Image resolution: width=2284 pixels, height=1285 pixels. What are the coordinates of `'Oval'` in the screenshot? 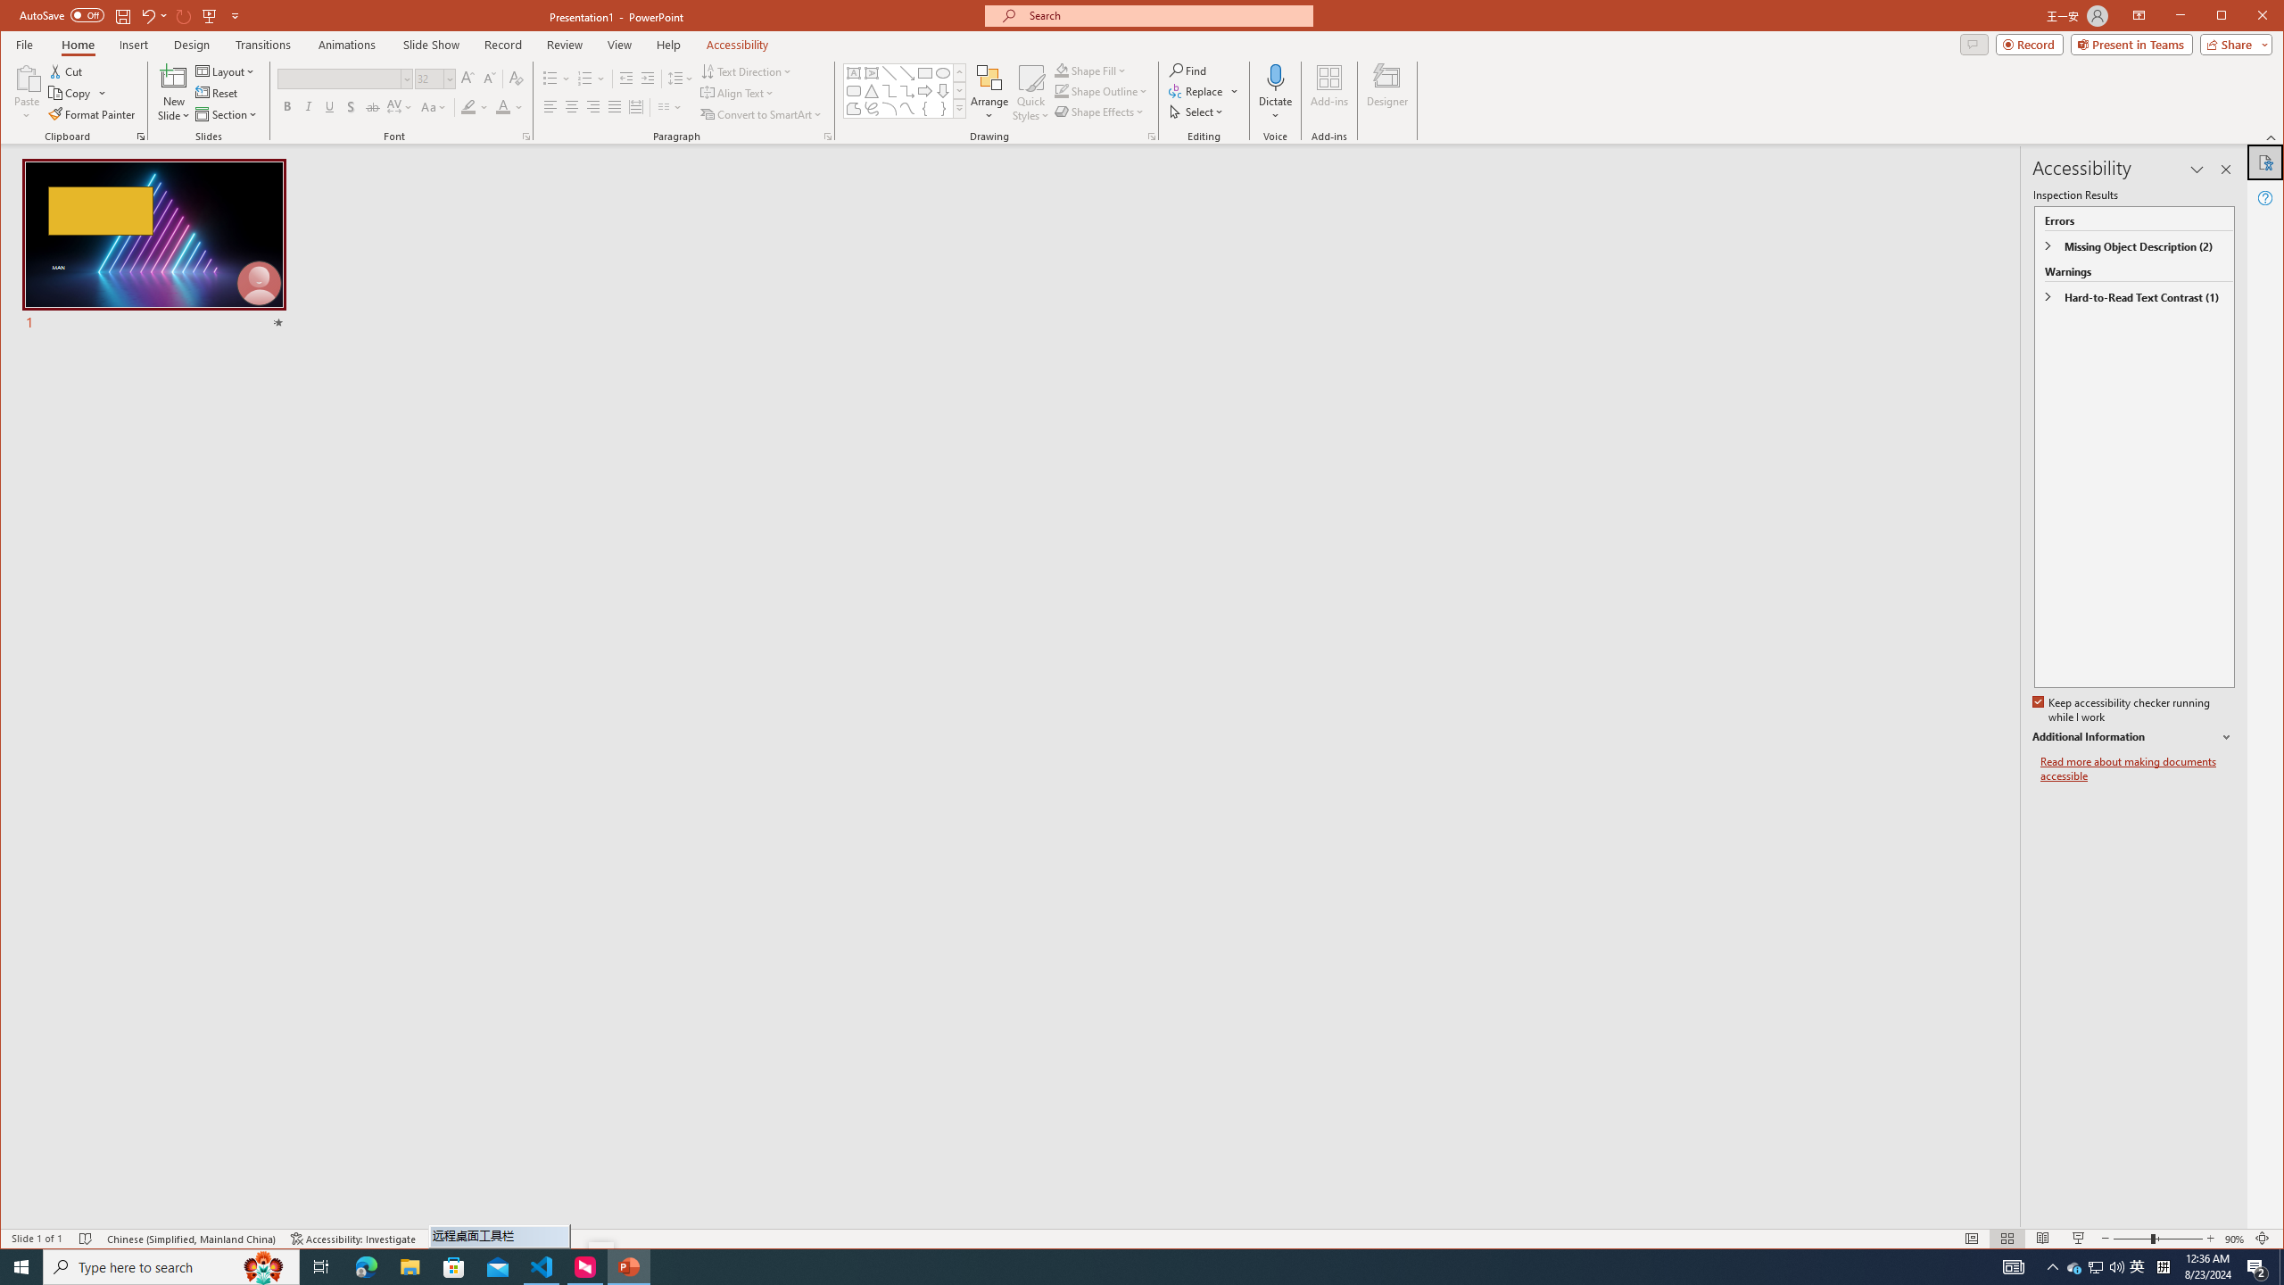 It's located at (942, 72).